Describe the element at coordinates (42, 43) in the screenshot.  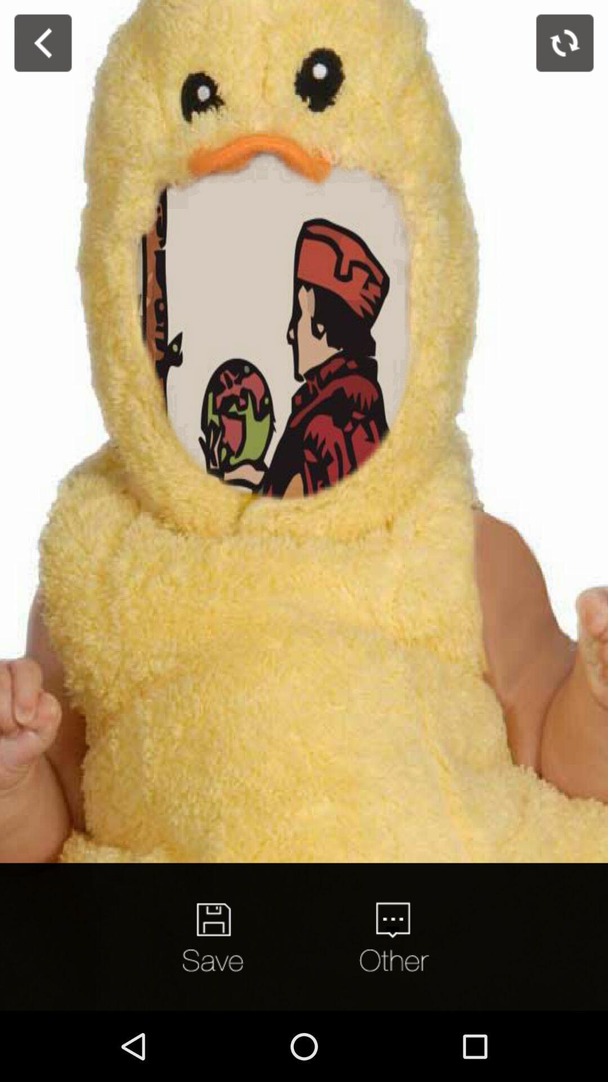
I see `the arrow_backward icon` at that location.